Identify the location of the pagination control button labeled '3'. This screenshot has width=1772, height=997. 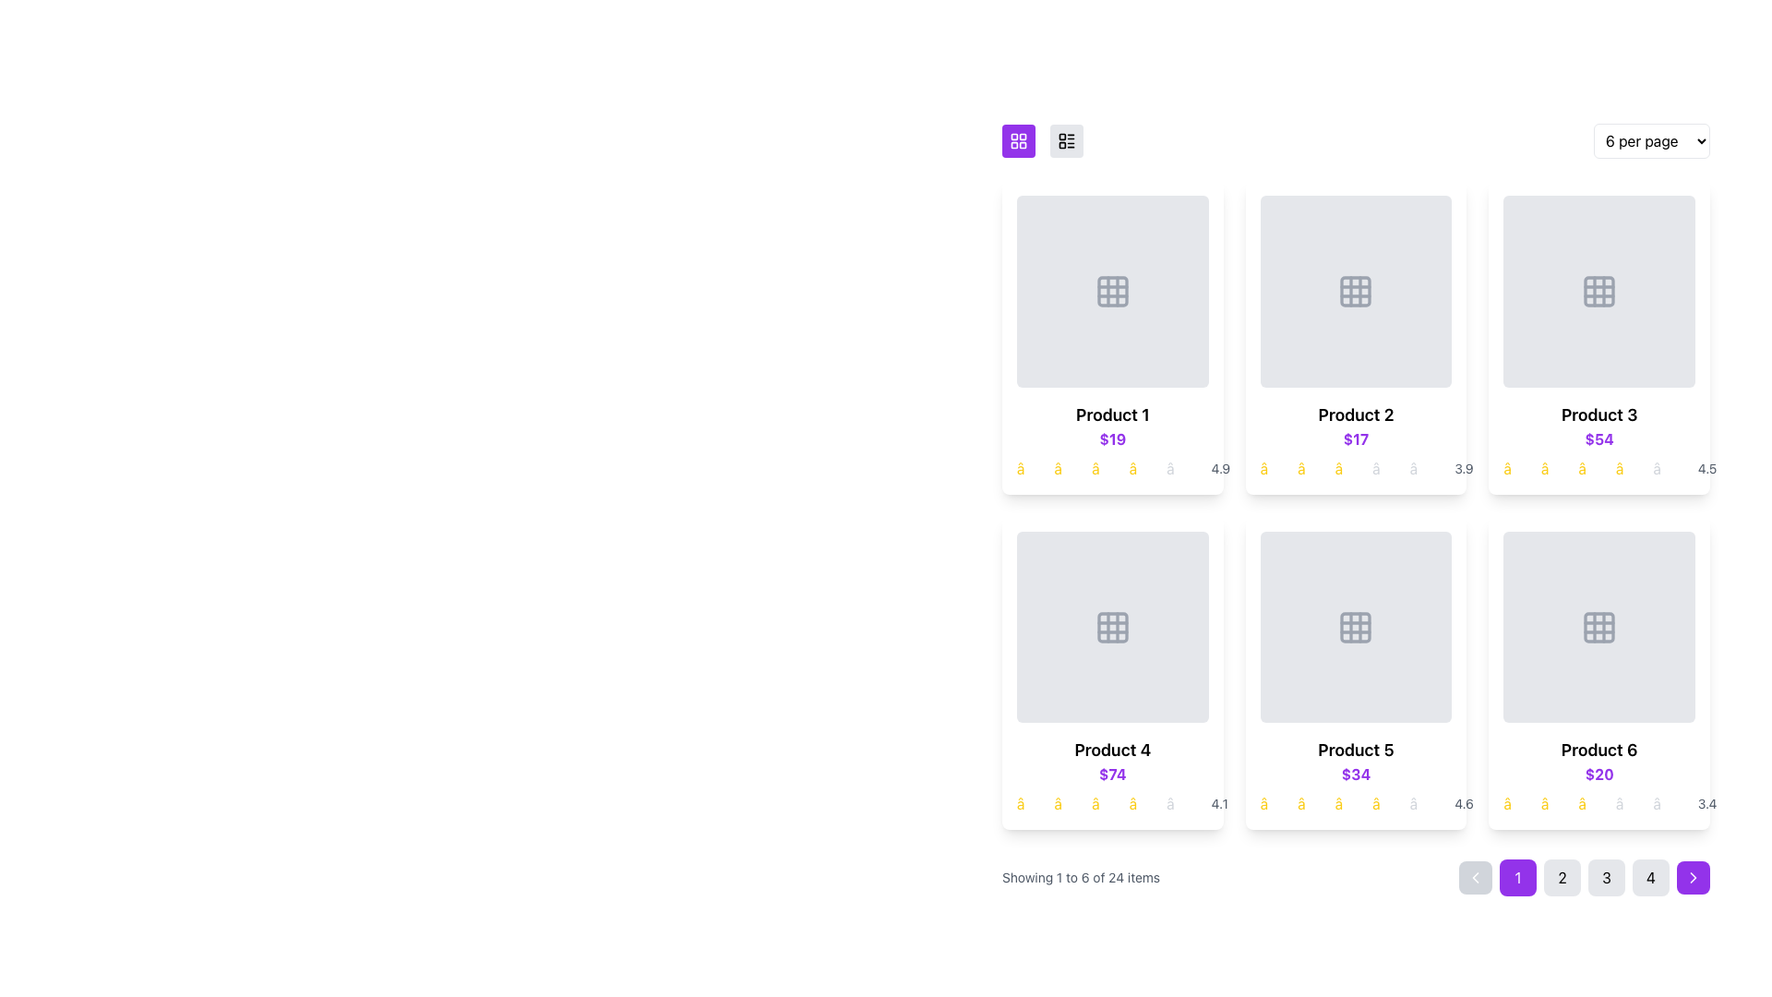
(1606, 877).